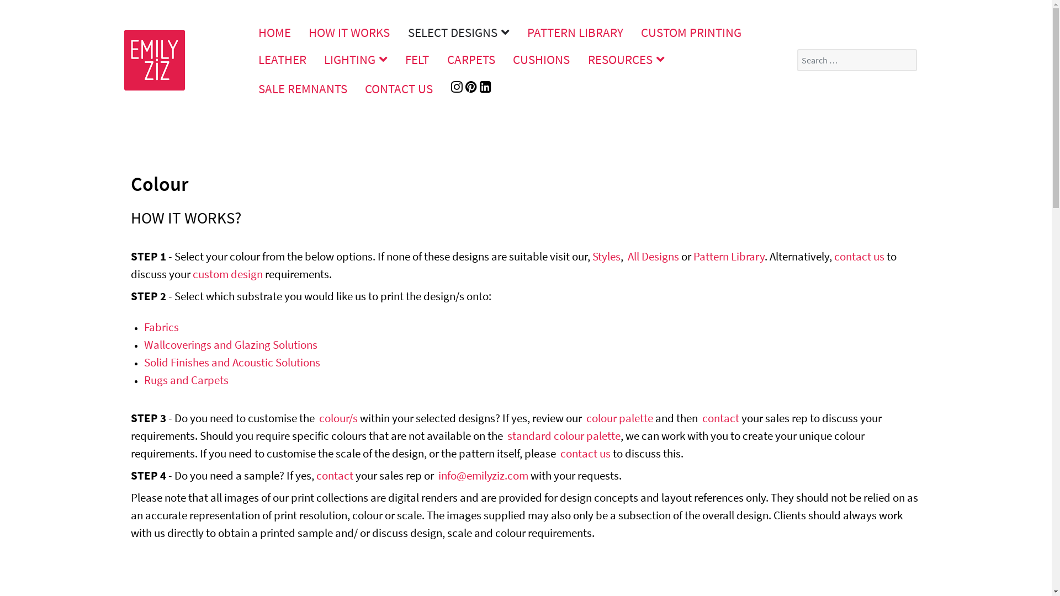 The width and height of the screenshot is (1060, 596). I want to click on 'RESOURCES', so click(579, 59).